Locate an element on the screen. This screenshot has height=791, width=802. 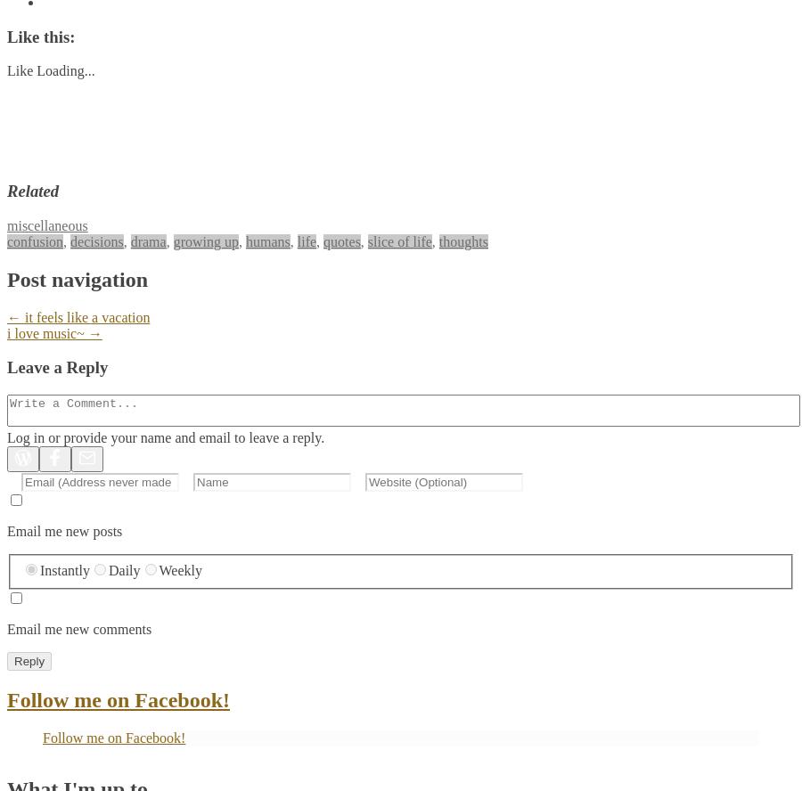
'i love music~' is located at coordinates (46, 332).